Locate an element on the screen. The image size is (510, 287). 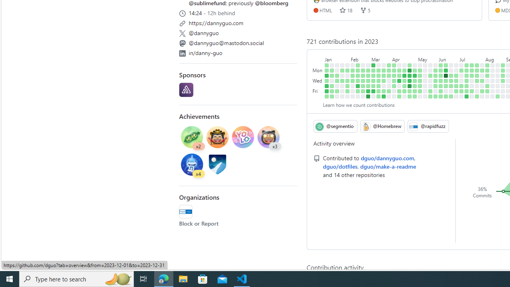
'March' is located at coordinates (381, 57).